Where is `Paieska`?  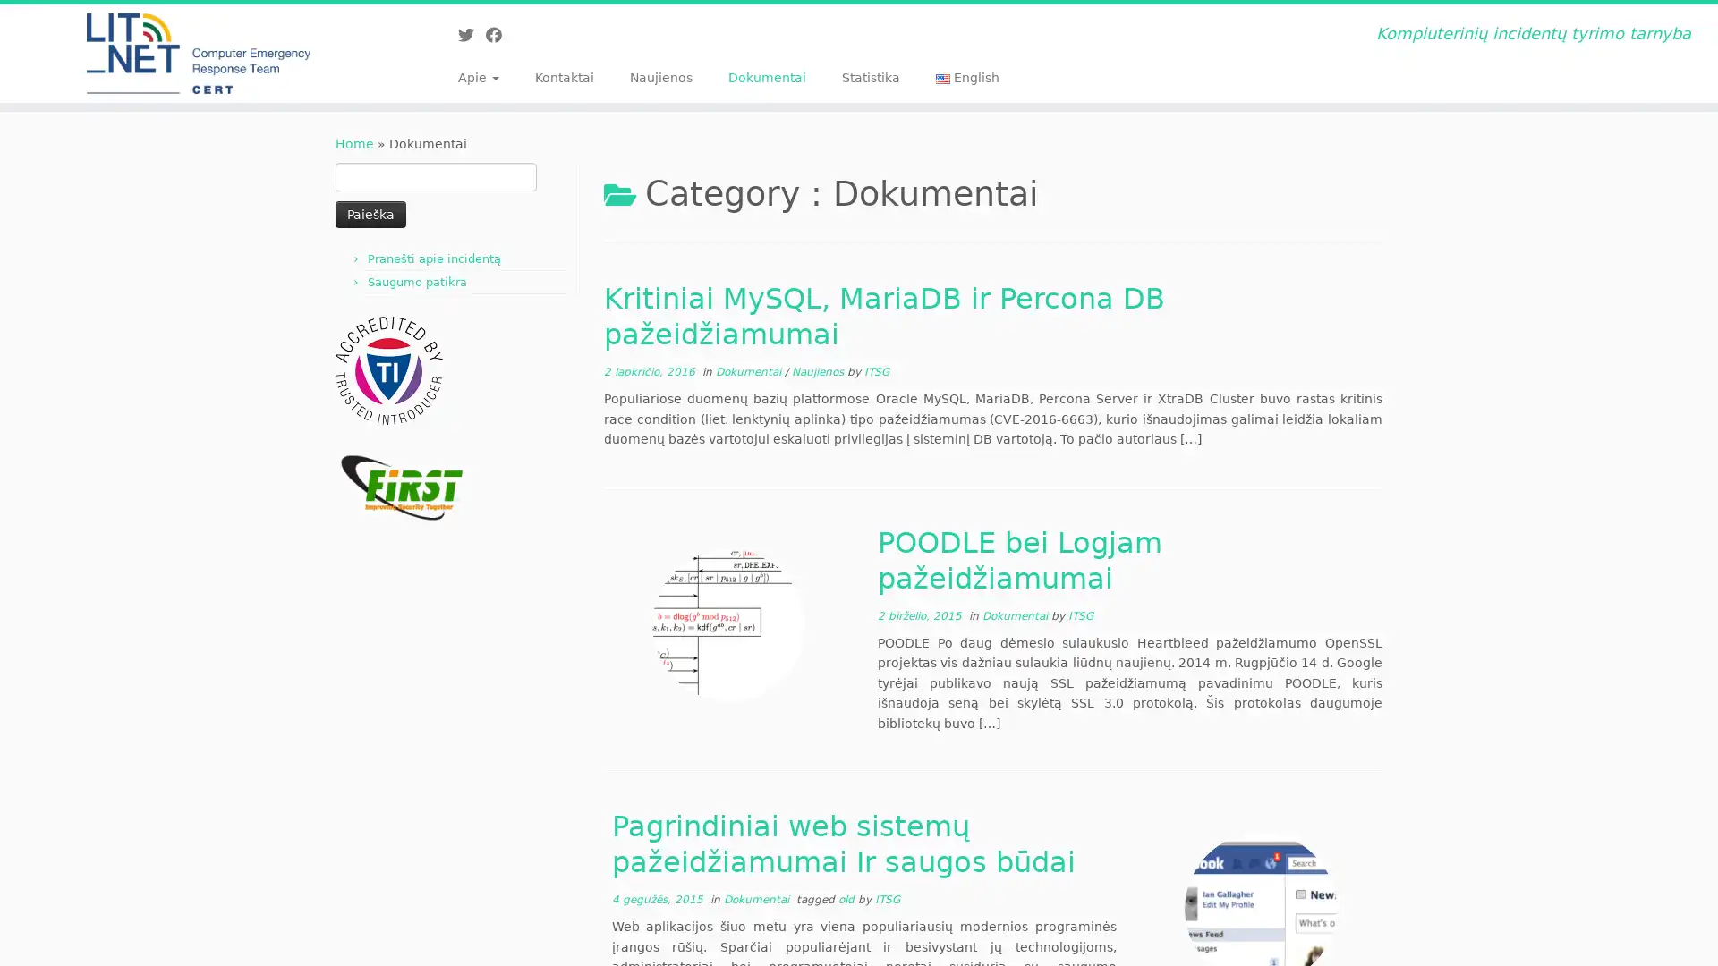
Paieska is located at coordinates (370, 213).